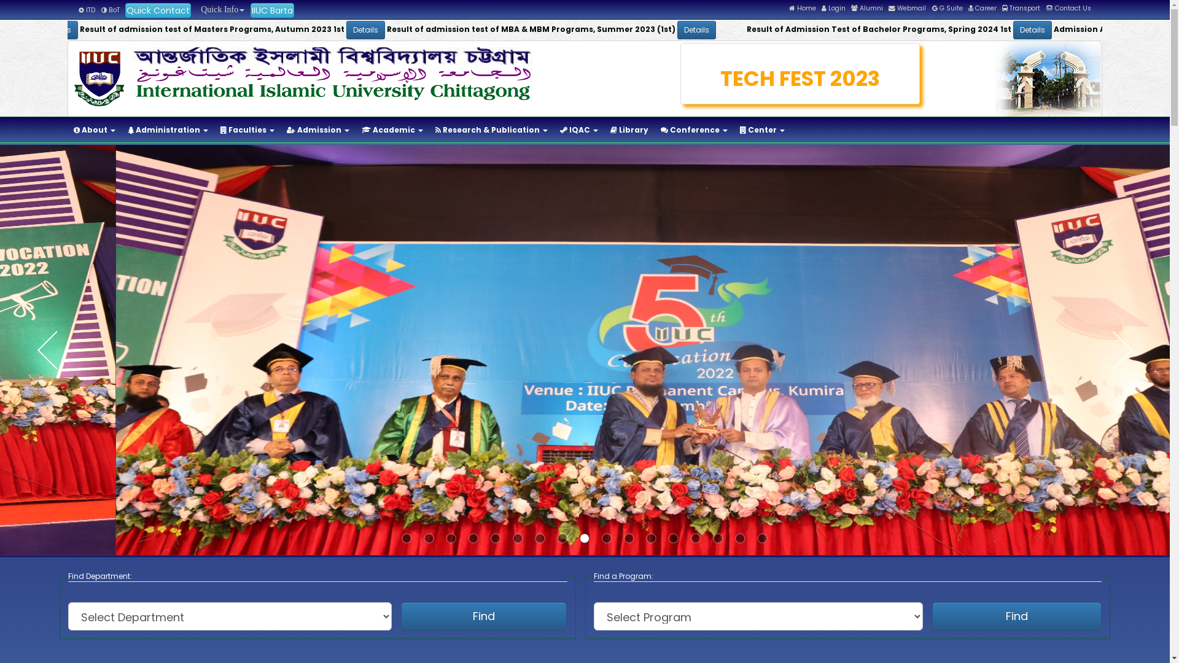 The image size is (1179, 663). I want to click on 'Quick Contact', so click(157, 10).